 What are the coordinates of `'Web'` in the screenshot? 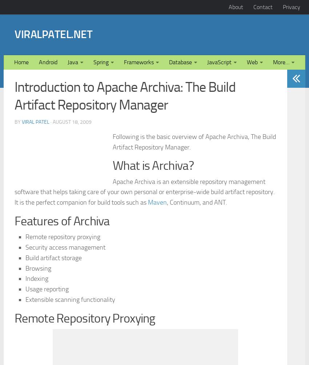 It's located at (252, 163).